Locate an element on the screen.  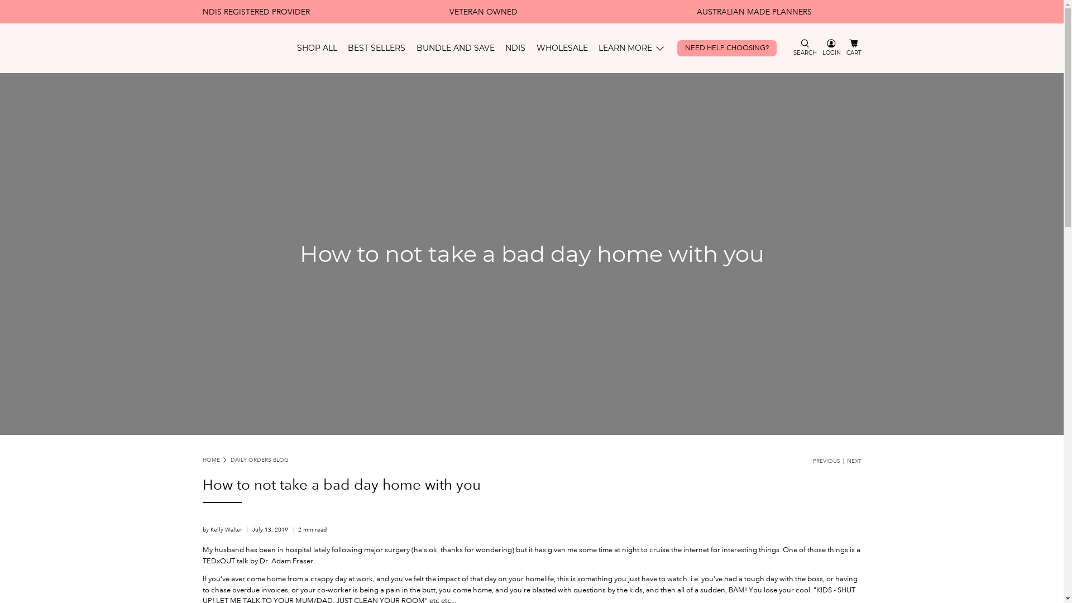
'LEARN MORE' is located at coordinates (632, 47).